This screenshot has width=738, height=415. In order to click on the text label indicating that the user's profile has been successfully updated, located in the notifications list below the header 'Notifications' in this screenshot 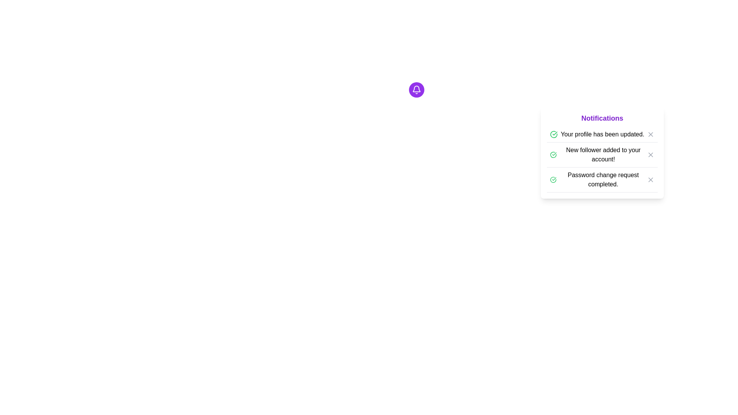, I will do `click(602, 134)`.